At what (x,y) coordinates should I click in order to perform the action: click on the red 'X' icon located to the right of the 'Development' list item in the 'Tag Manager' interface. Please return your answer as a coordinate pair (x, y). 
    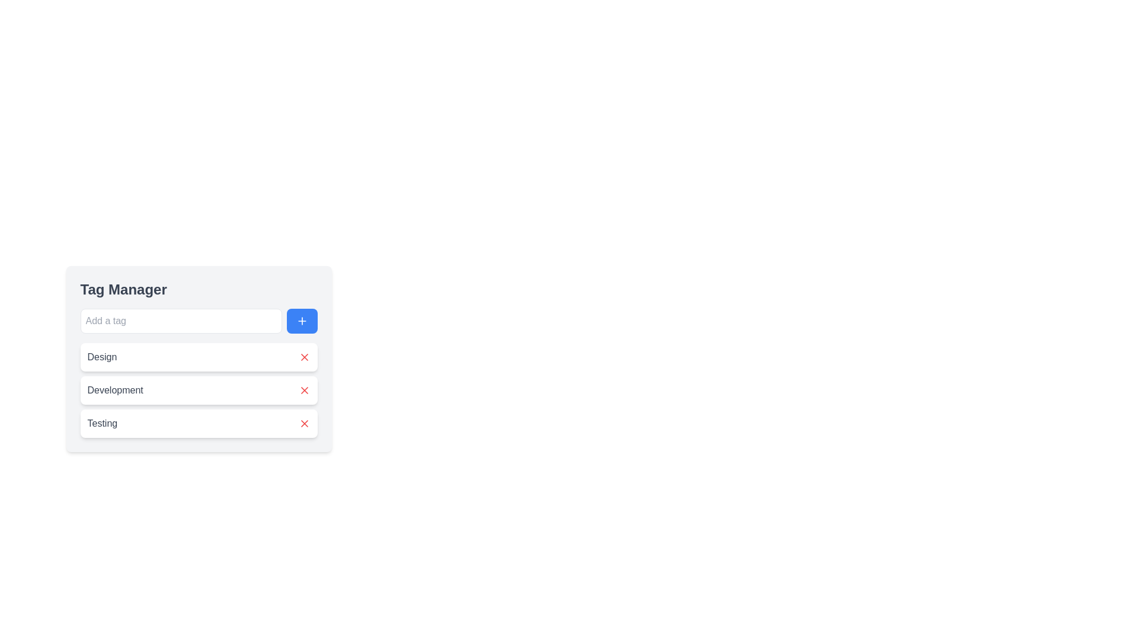
    Looking at the image, I should click on (304, 391).